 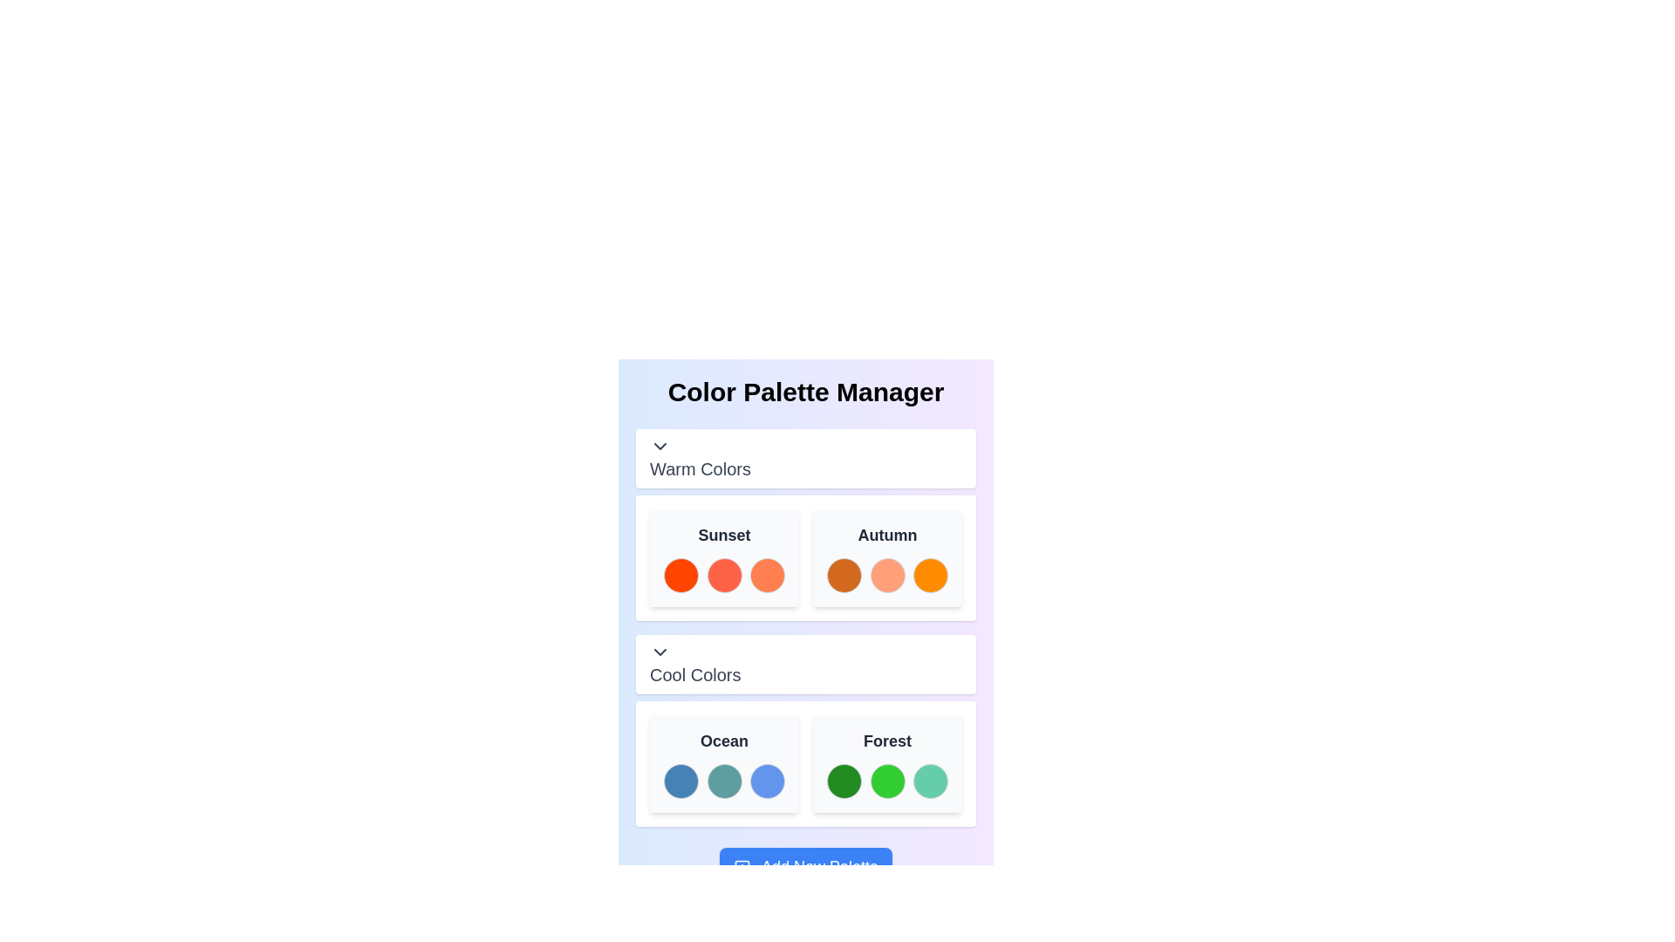 What do you see at coordinates (724, 741) in the screenshot?
I see `the 'Ocean' color palette label, which is the title of the card in the 'Cool Colors' section located at the top-left of the section` at bounding box center [724, 741].